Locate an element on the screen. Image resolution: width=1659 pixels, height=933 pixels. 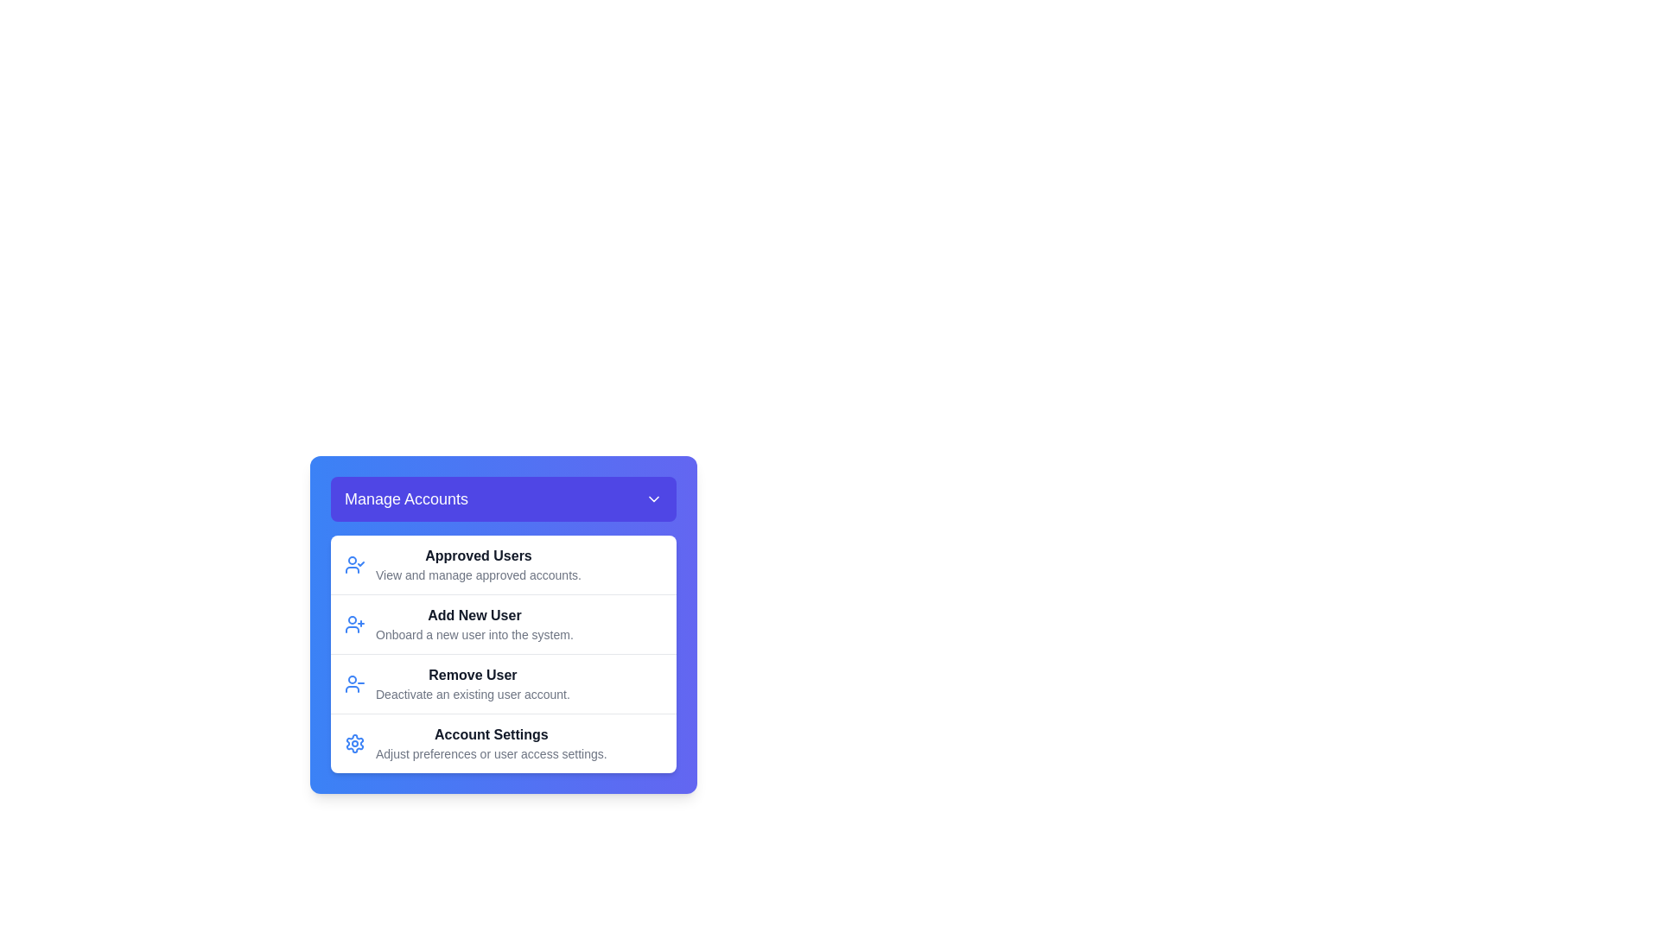
the third list item for deactivating an existing user account, which is positioned between 'Add New User' and 'Account Settings' is located at coordinates (502, 682).